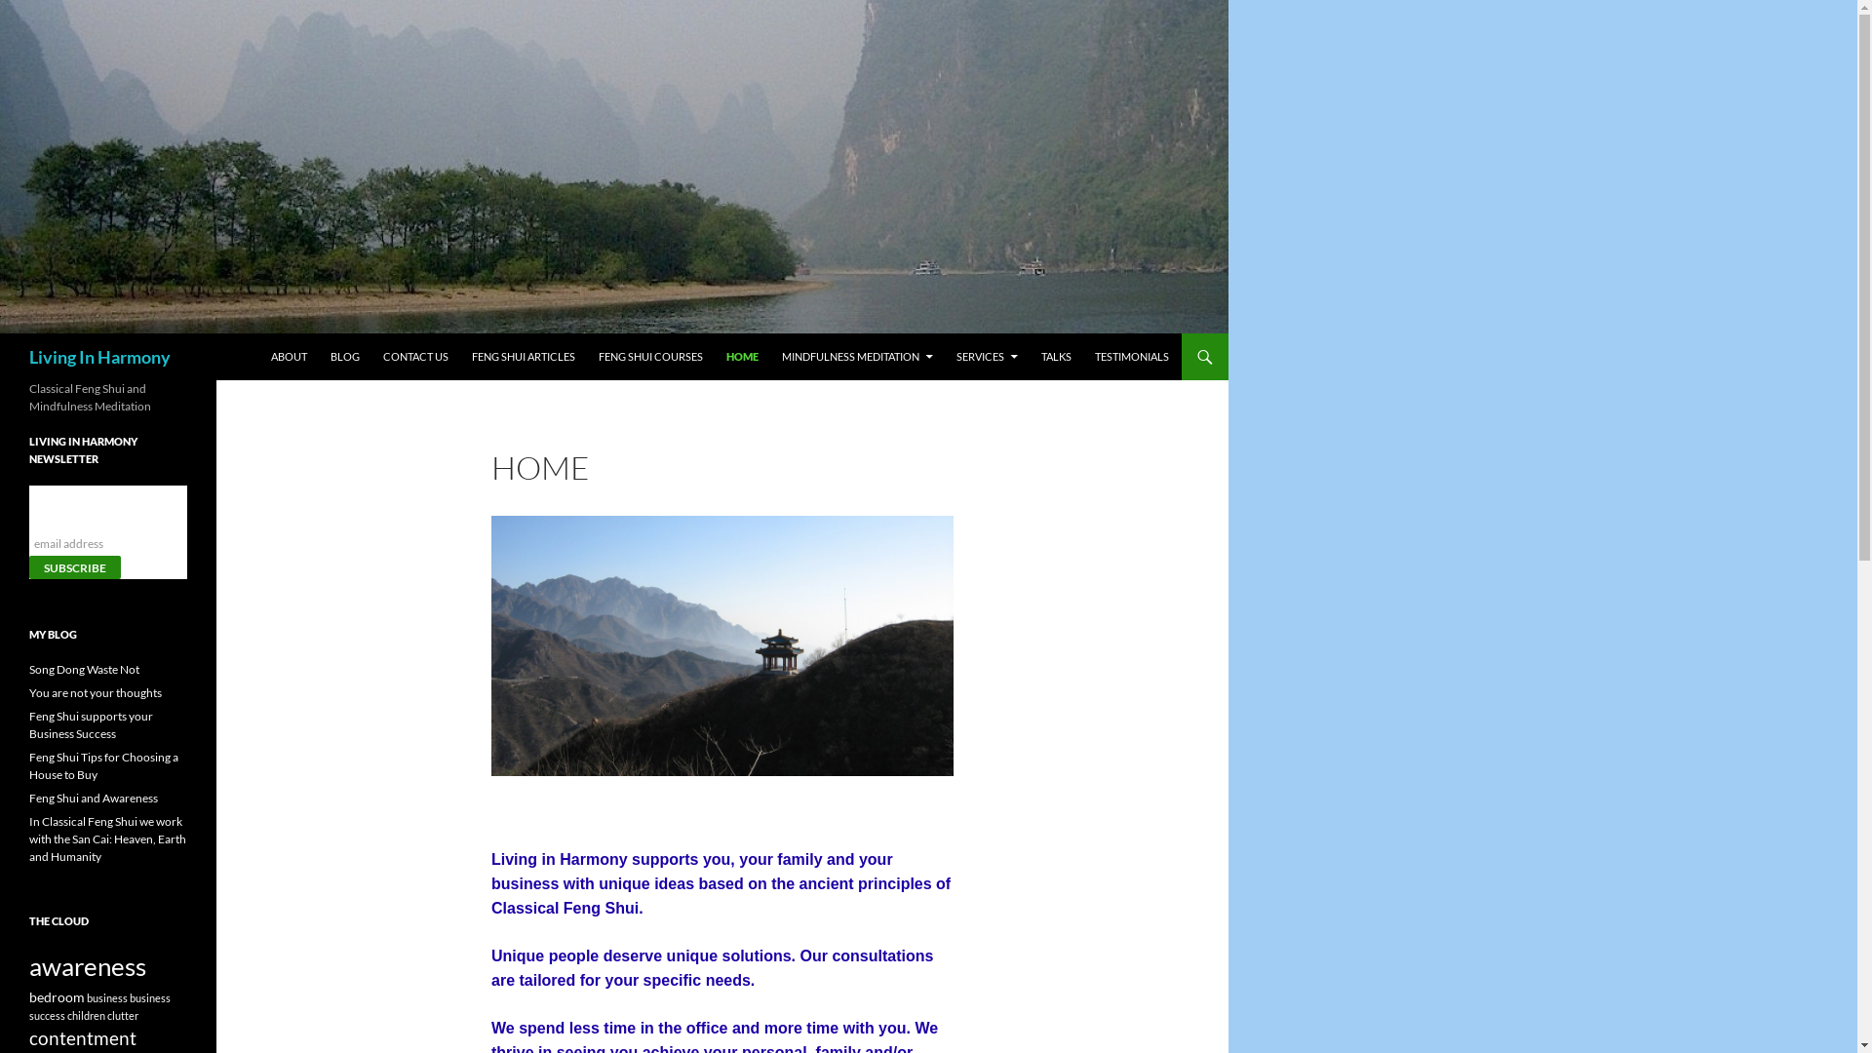 The width and height of the screenshot is (1872, 1053). Describe the element at coordinates (741, 357) in the screenshot. I see `'HOME'` at that location.